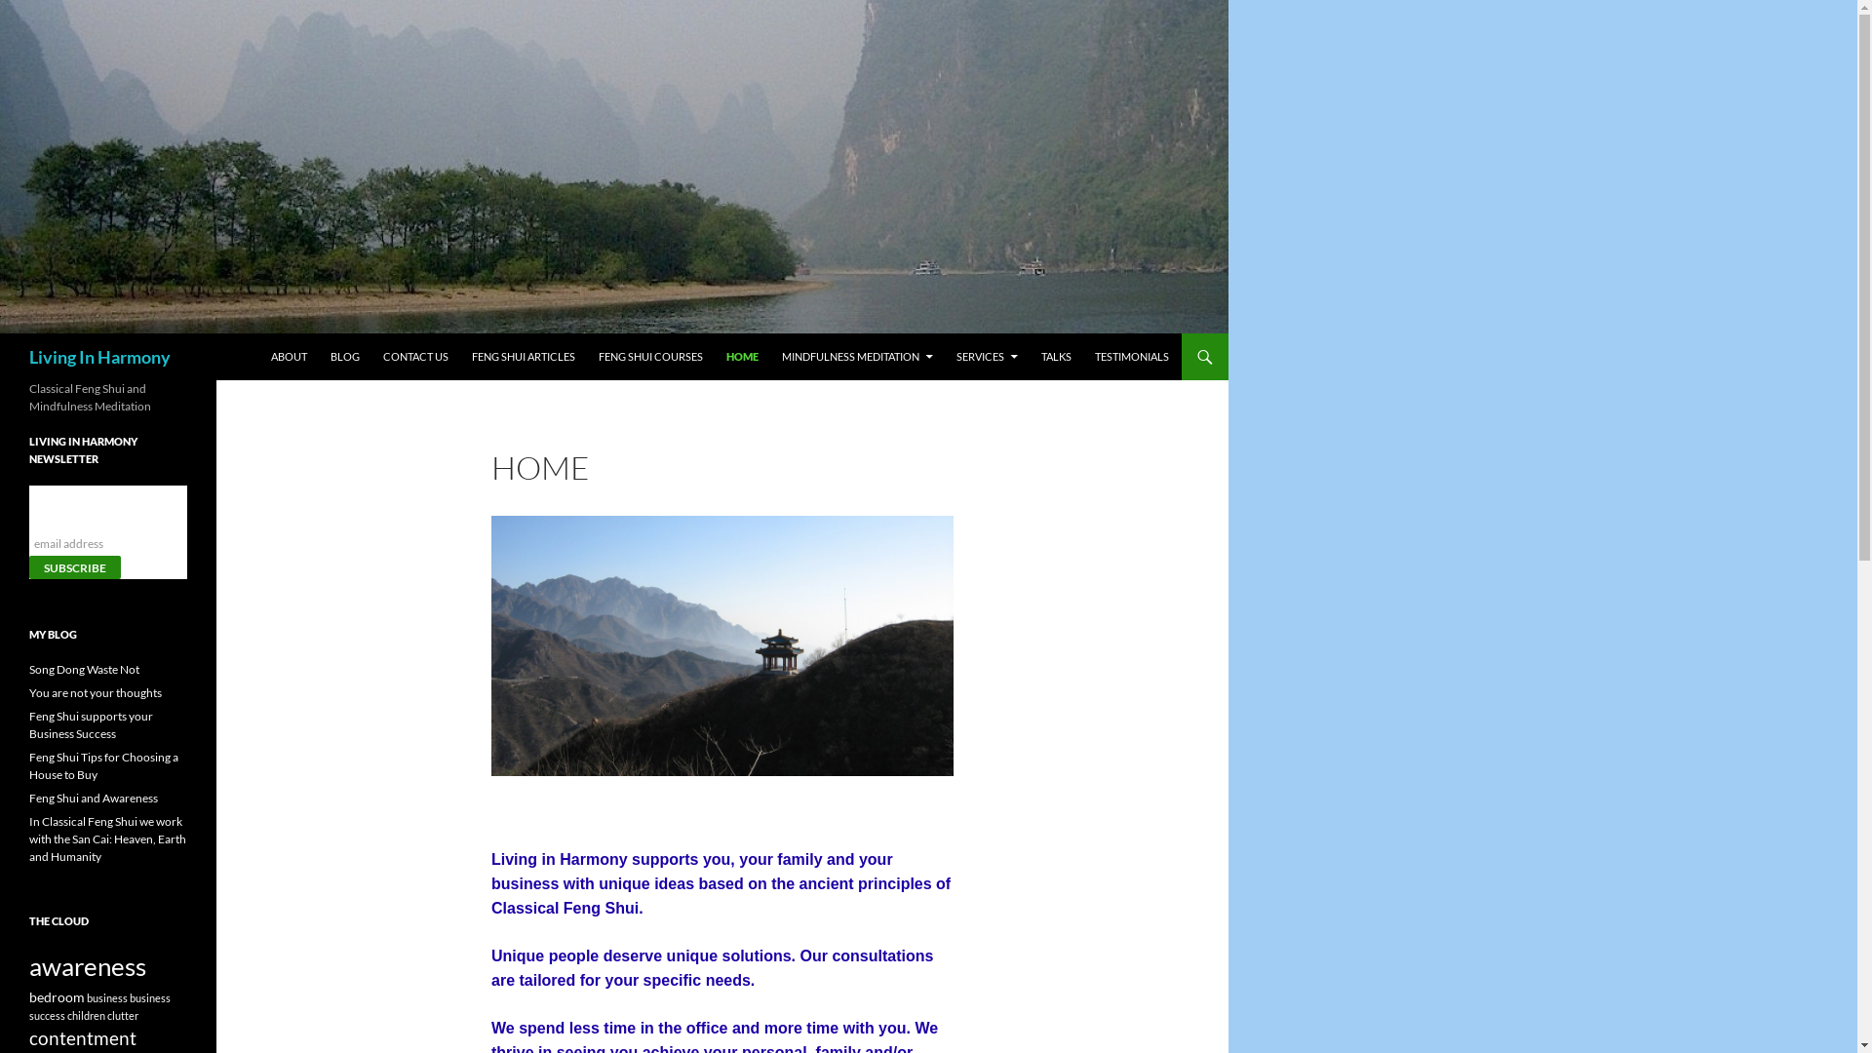 The width and height of the screenshot is (1872, 1053). Describe the element at coordinates (741, 357) in the screenshot. I see `'HOME'` at that location.